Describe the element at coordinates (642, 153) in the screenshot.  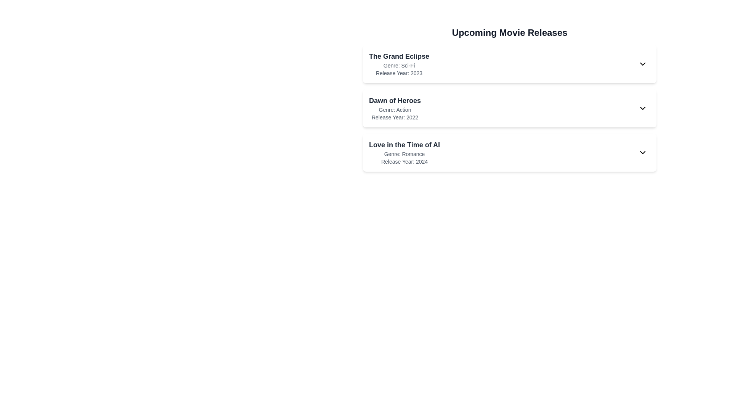
I see `expand/collapse button for the movie identified by its title Love in the Time of AI` at that location.